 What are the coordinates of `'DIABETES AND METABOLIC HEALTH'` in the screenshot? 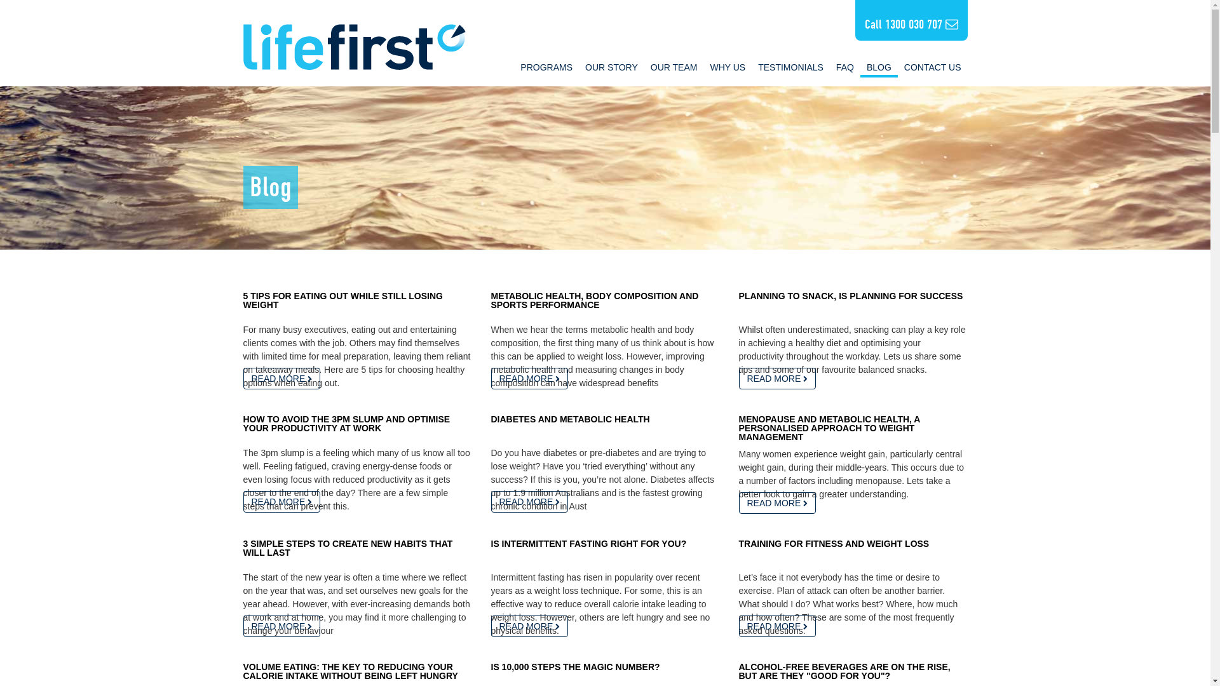 It's located at (569, 419).